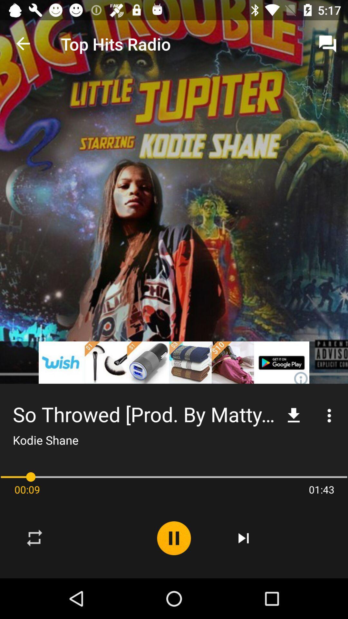  I want to click on the kodie shane icon, so click(45, 439).